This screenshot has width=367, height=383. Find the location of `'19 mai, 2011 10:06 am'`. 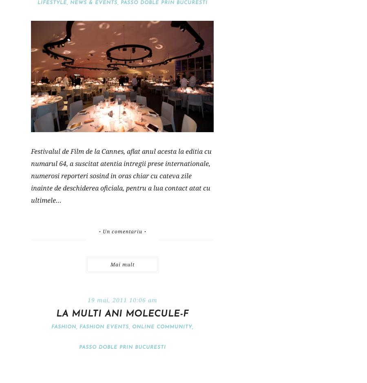

'19 mai, 2011 10:06 am' is located at coordinates (122, 300).